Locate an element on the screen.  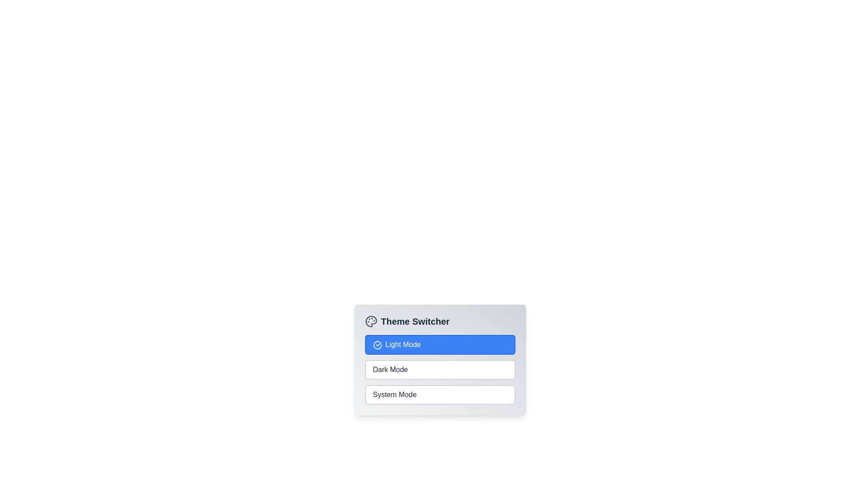
the theme option System Mode to switch to the corresponding theme is located at coordinates (440, 394).